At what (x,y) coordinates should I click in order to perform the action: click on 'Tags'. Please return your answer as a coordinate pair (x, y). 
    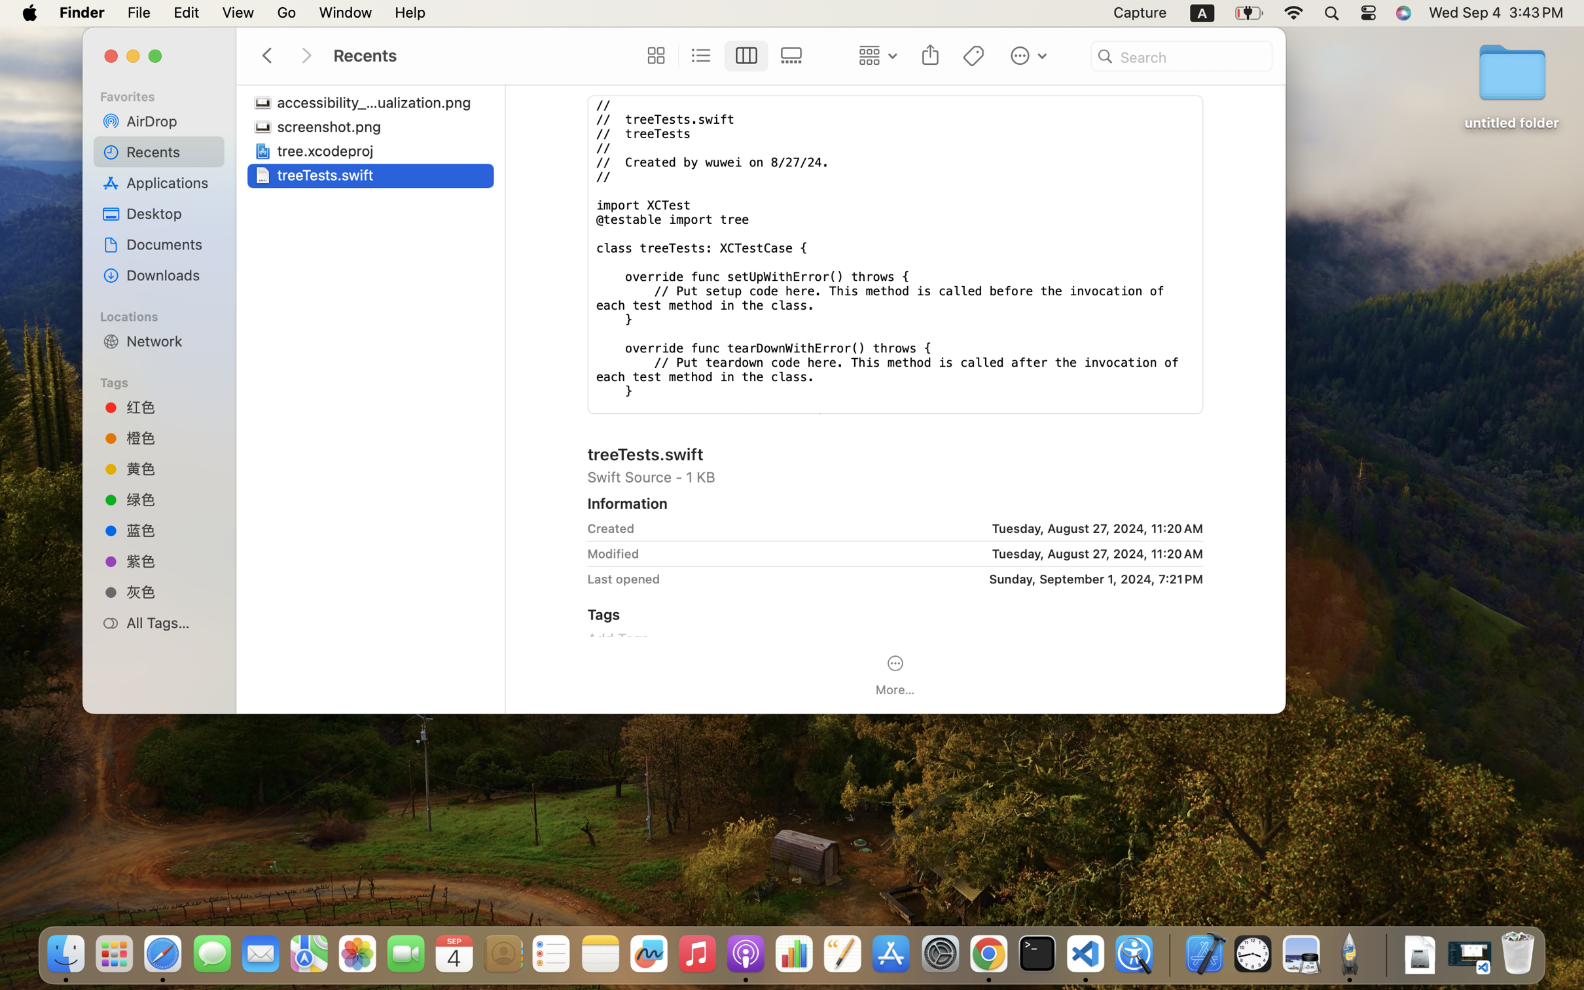
    Looking at the image, I should click on (164, 380).